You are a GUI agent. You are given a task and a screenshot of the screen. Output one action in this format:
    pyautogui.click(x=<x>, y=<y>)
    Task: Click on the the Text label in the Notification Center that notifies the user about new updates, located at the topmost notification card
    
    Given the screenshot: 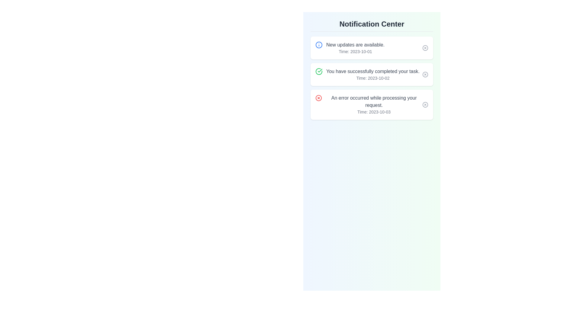 What is the action you would take?
    pyautogui.click(x=355, y=45)
    